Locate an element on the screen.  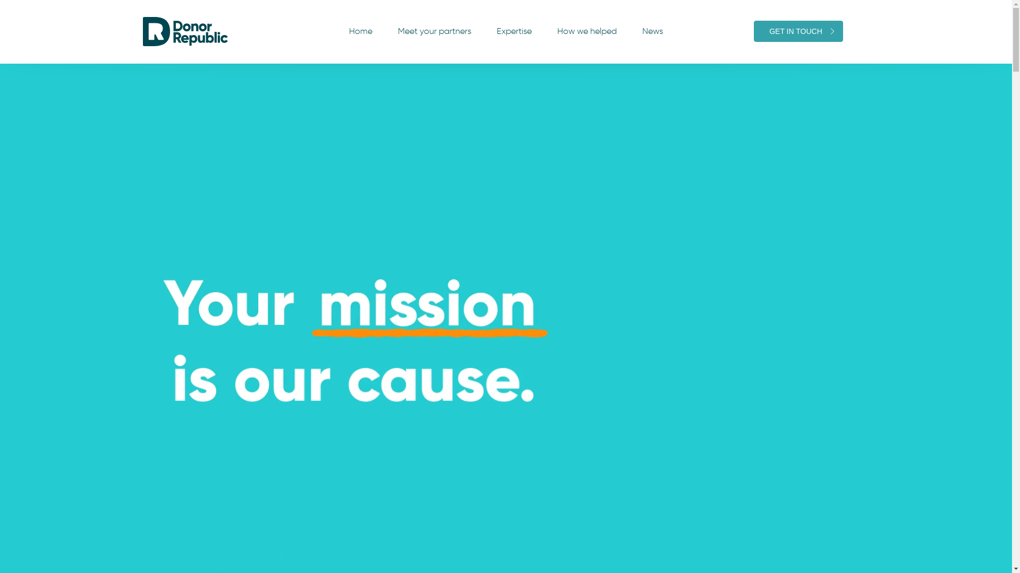
'Meet your partners' is located at coordinates (434, 30).